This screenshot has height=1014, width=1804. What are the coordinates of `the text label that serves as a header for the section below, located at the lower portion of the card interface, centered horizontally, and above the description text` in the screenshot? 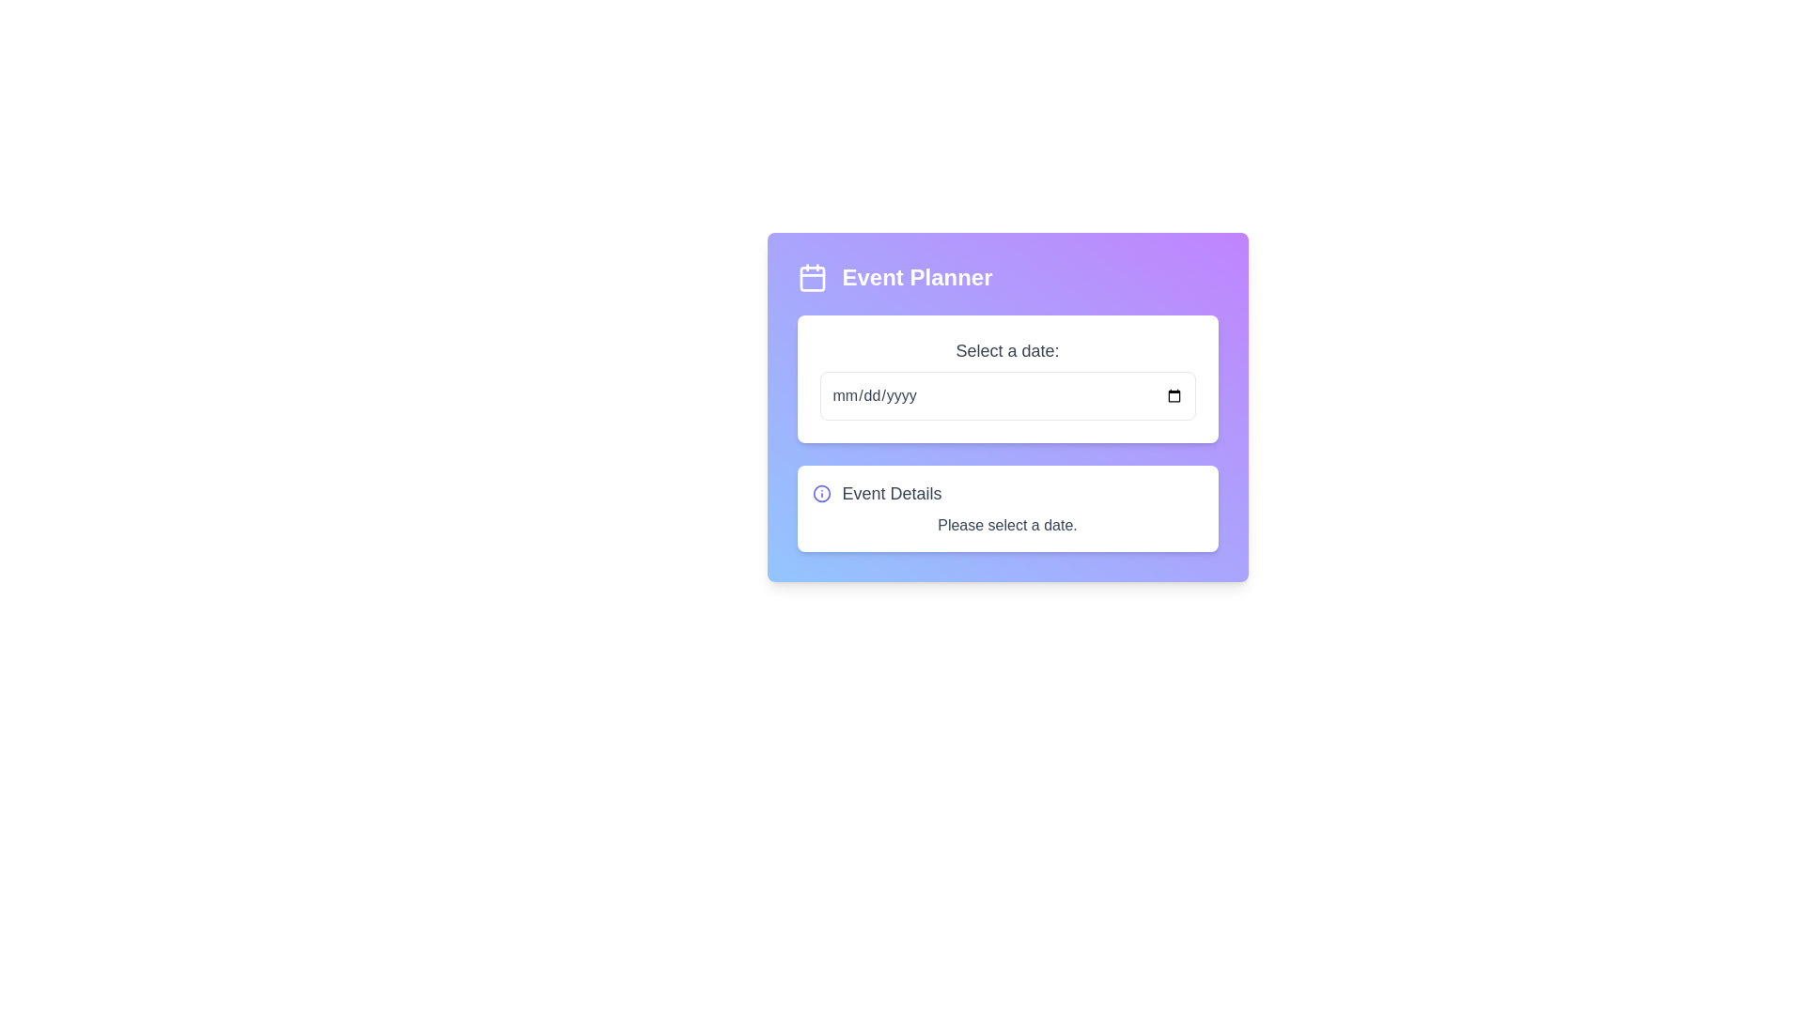 It's located at (891, 492).